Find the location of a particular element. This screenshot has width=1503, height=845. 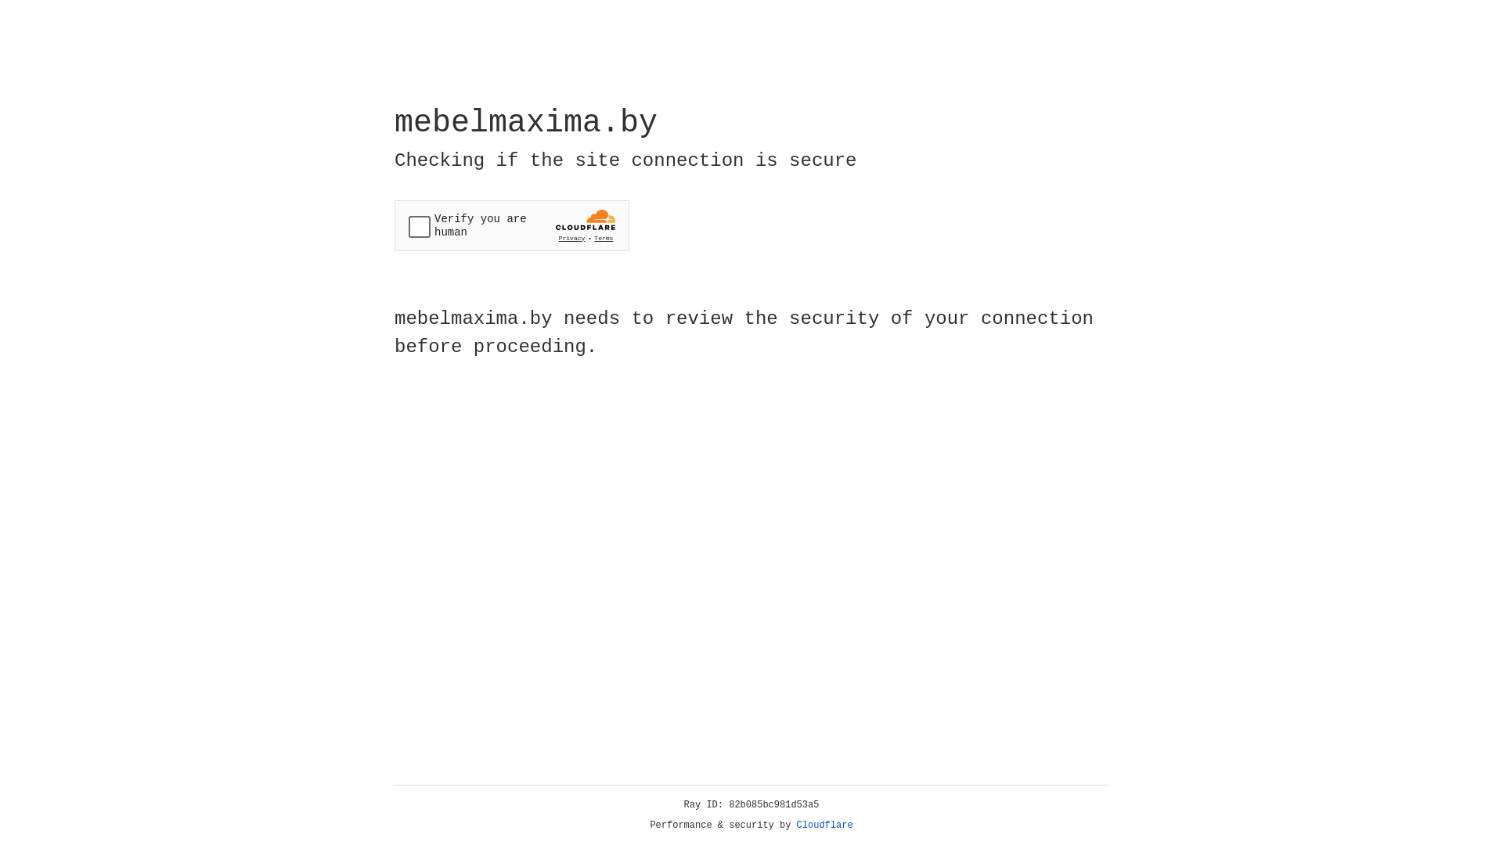

'Widget containing a Cloudflare security challenge' is located at coordinates (511, 225).